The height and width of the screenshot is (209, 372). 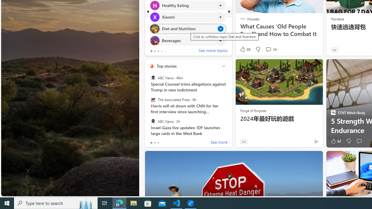 What do you see at coordinates (165, 51) in the screenshot?
I see `'tab-4'` at bounding box center [165, 51].